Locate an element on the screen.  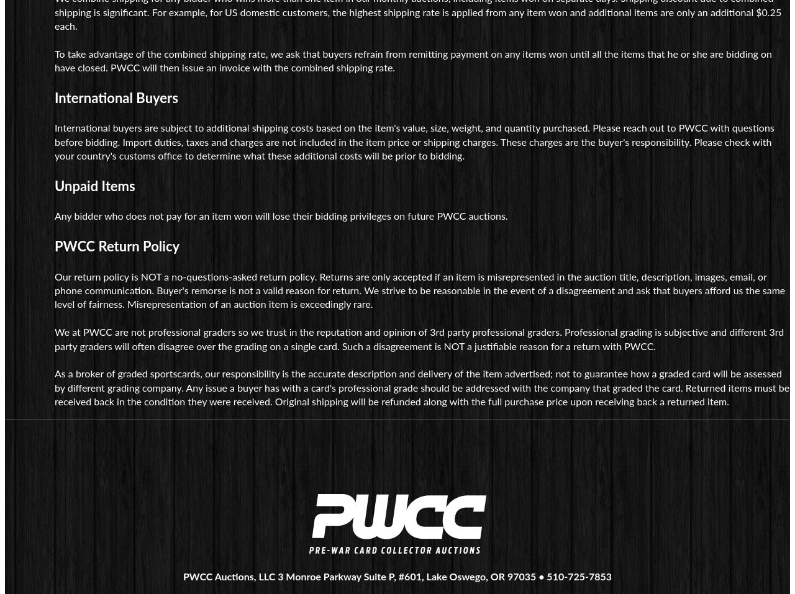
'To take advantage of the combined shipping rate, we ask that buyers refrain from remitting payment on any items won until all the items that he or she are bidding on have closed. PWCC will then issue an invoice with the combined shipping rate.' is located at coordinates (413, 61).